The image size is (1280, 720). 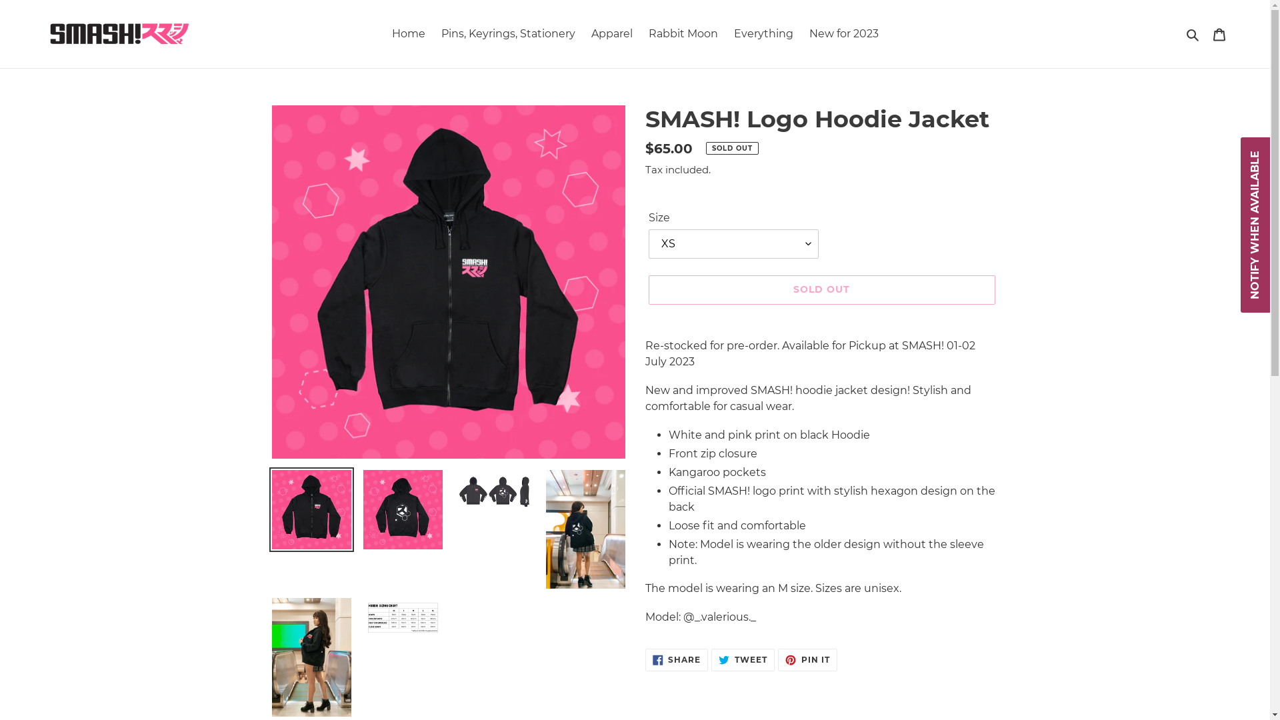 What do you see at coordinates (507, 33) in the screenshot?
I see `'Pins, Keyrings, Stationery'` at bounding box center [507, 33].